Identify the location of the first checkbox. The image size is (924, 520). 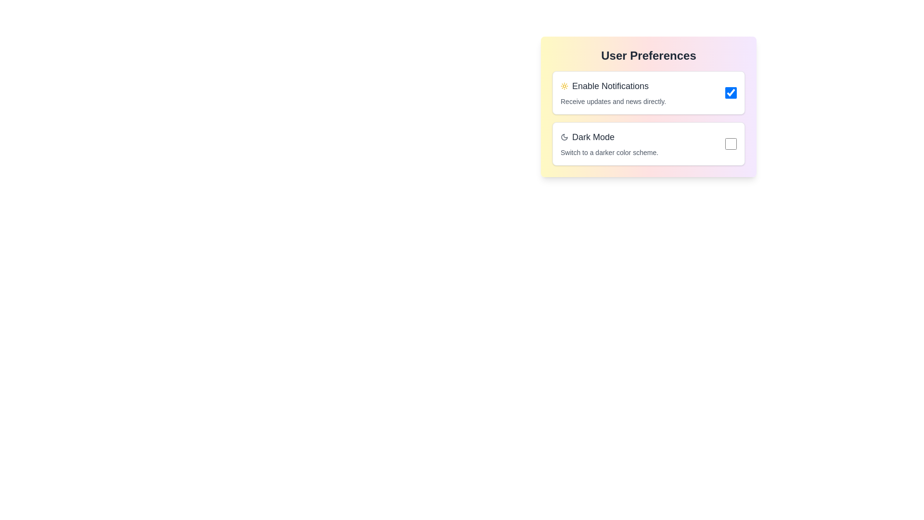
(731, 92).